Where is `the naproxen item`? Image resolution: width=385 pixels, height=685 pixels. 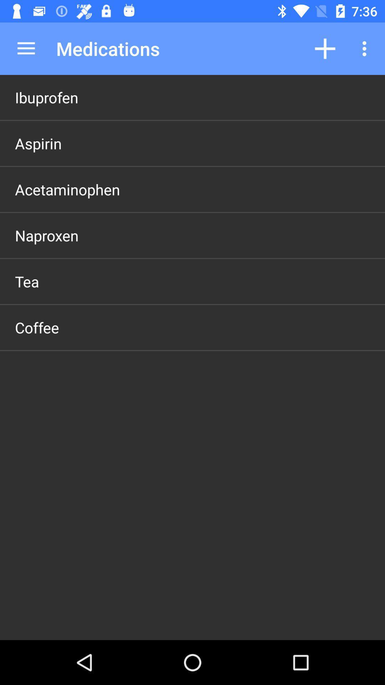 the naproxen item is located at coordinates (47, 235).